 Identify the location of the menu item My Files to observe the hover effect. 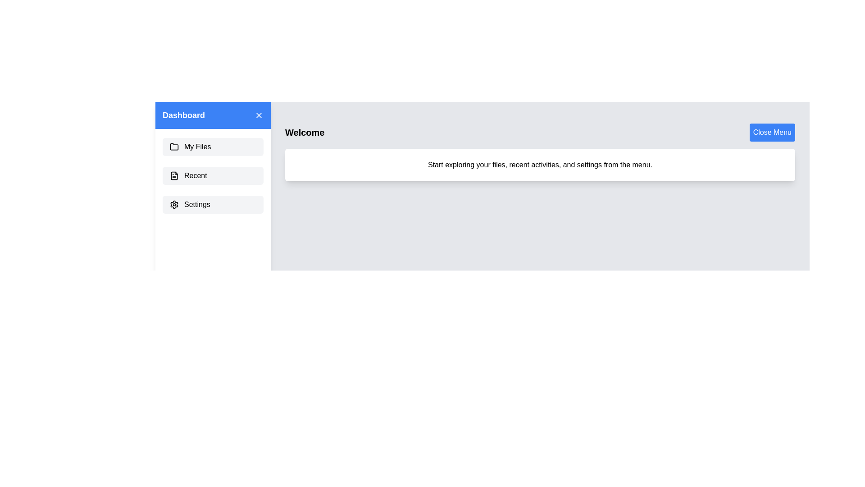
(213, 147).